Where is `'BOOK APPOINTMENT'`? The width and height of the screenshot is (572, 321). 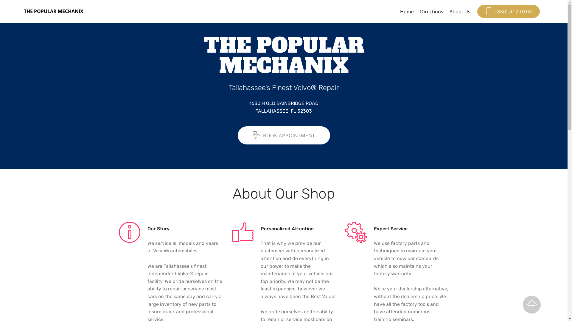 'BOOK APPOINTMENT' is located at coordinates (284, 135).